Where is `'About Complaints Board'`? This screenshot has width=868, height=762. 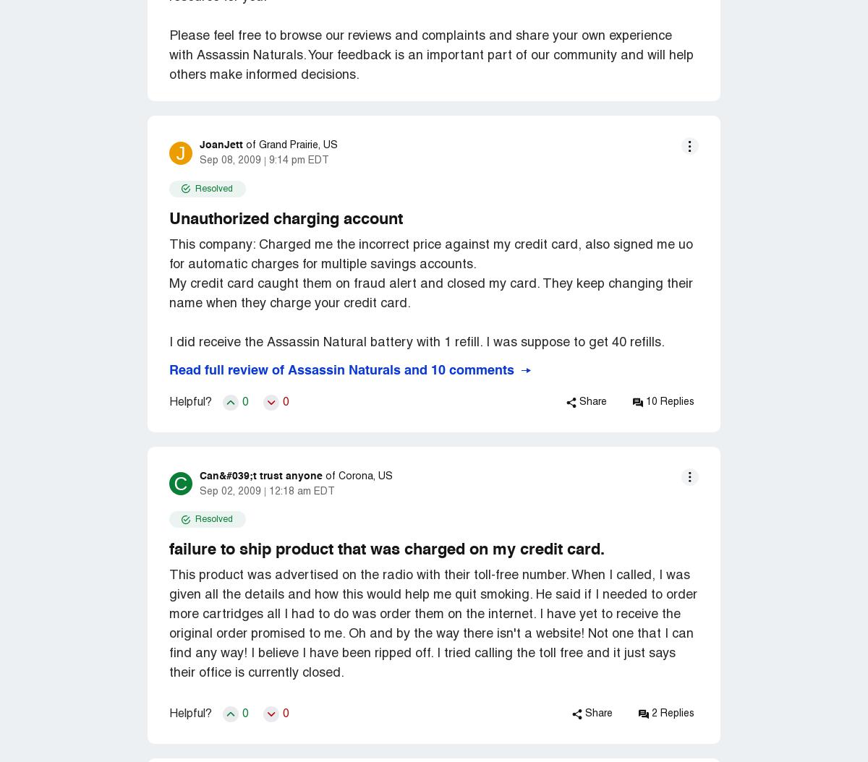
'About Complaints Board' is located at coordinates (119, 129).